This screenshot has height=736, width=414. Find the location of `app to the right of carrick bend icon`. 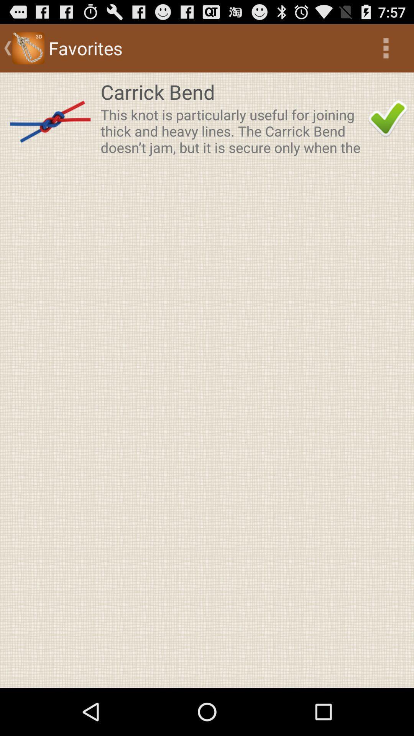

app to the right of carrick bend icon is located at coordinates (388, 118).